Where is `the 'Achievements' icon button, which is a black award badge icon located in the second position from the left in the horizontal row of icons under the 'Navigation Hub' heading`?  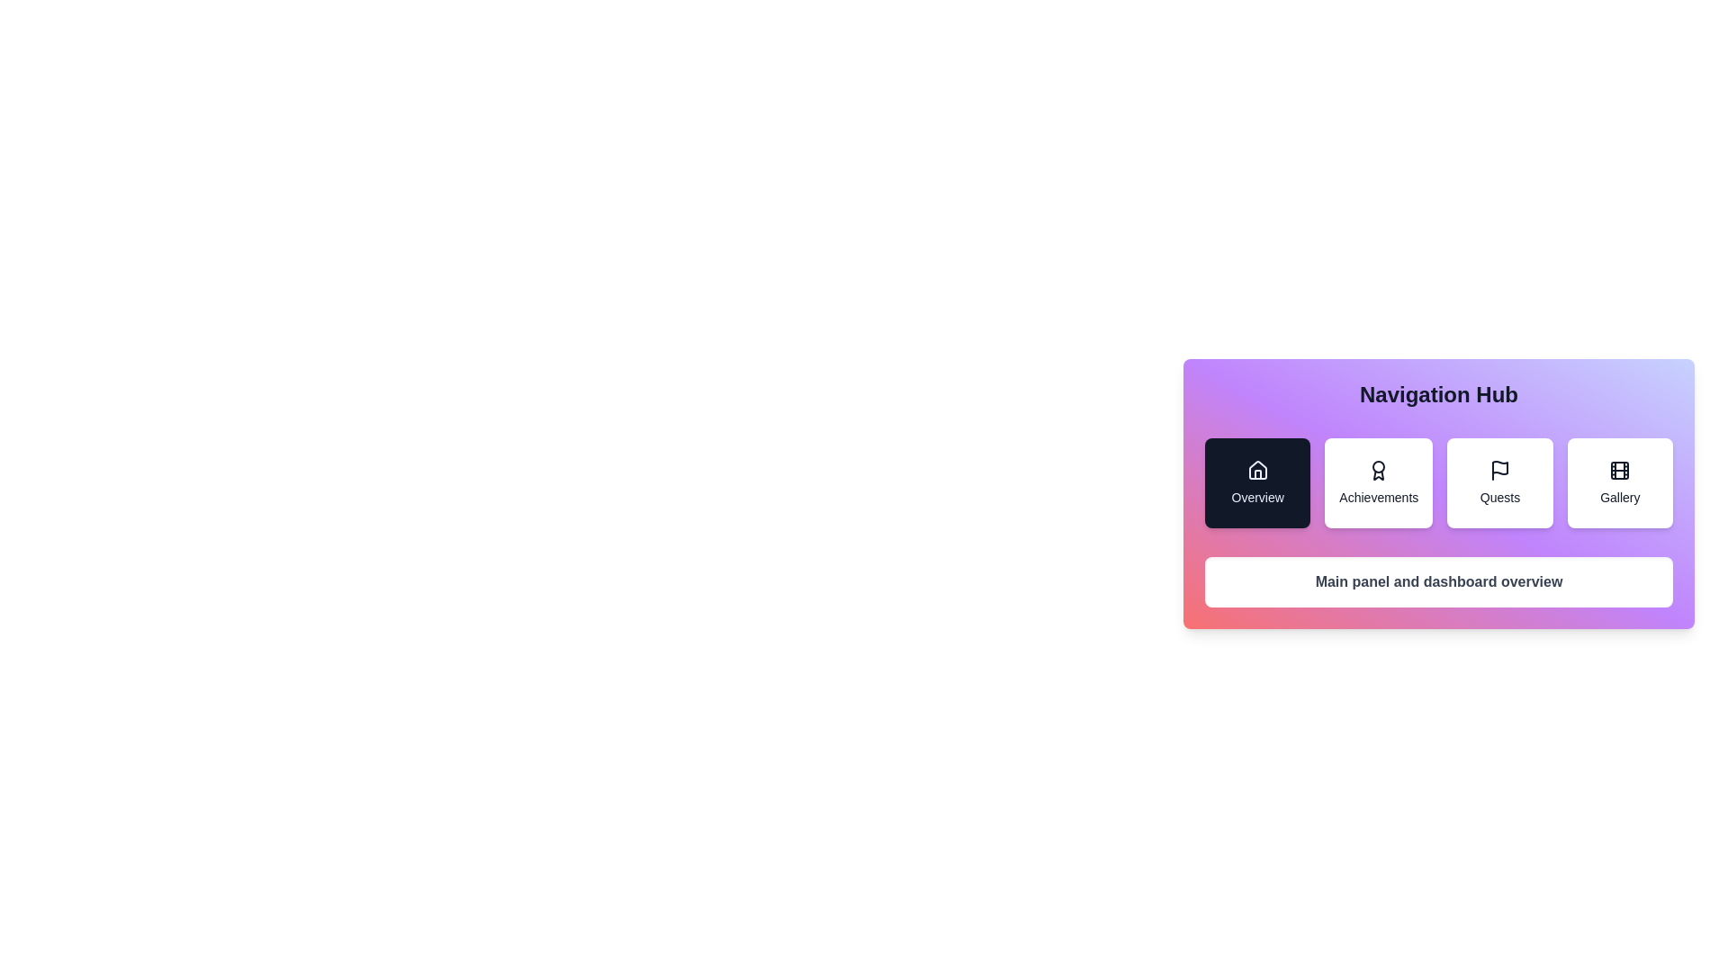 the 'Achievements' icon button, which is a black award badge icon located in the second position from the left in the horizontal row of icons under the 'Navigation Hub' heading is located at coordinates (1378, 470).